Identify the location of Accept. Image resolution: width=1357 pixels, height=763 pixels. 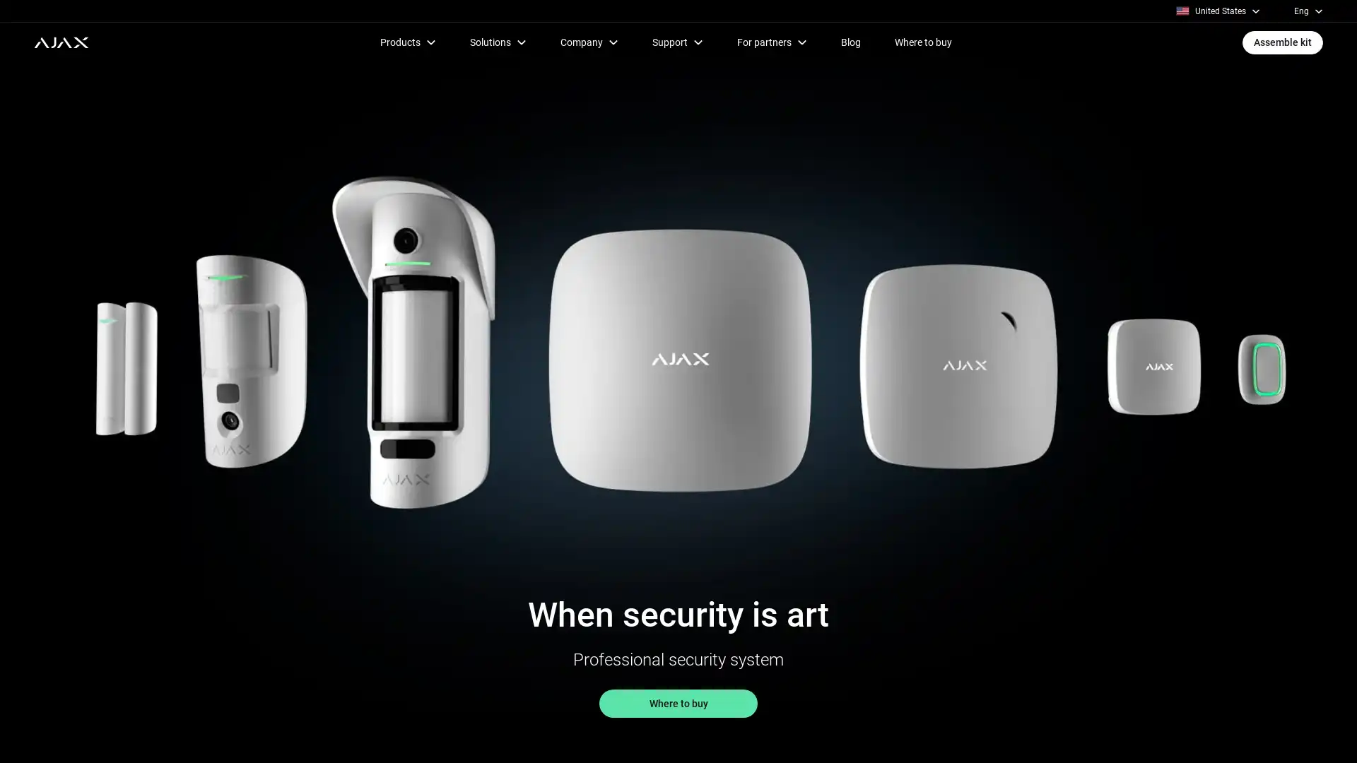
(962, 694).